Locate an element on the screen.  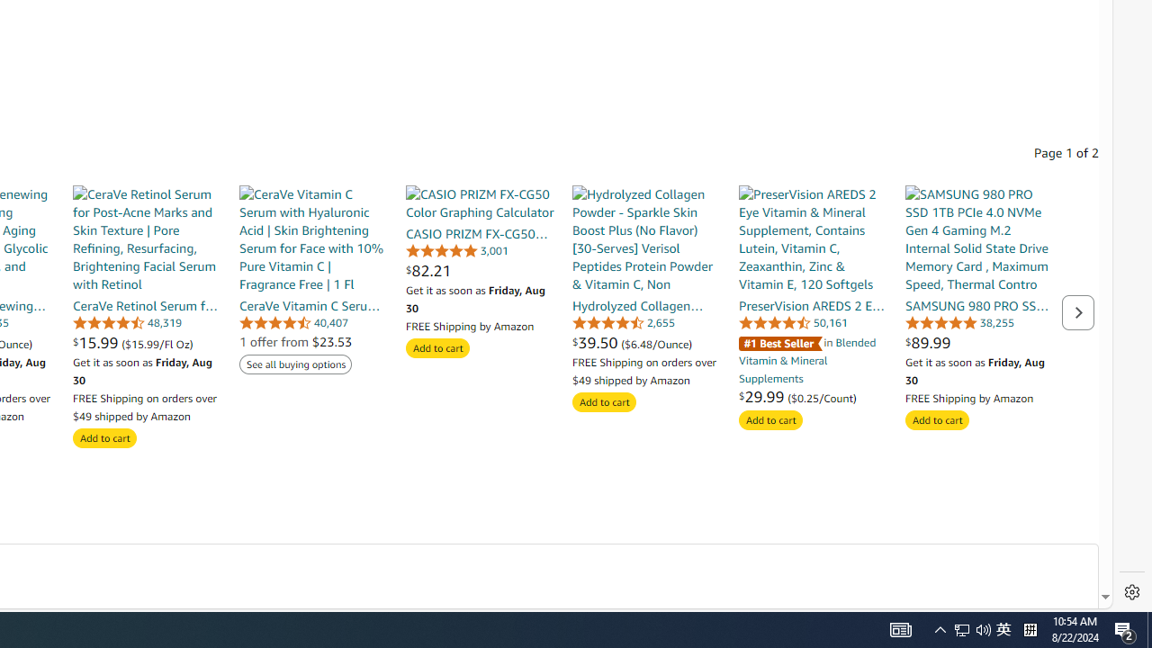
'1 offer from $23.53' is located at coordinates (295, 341).